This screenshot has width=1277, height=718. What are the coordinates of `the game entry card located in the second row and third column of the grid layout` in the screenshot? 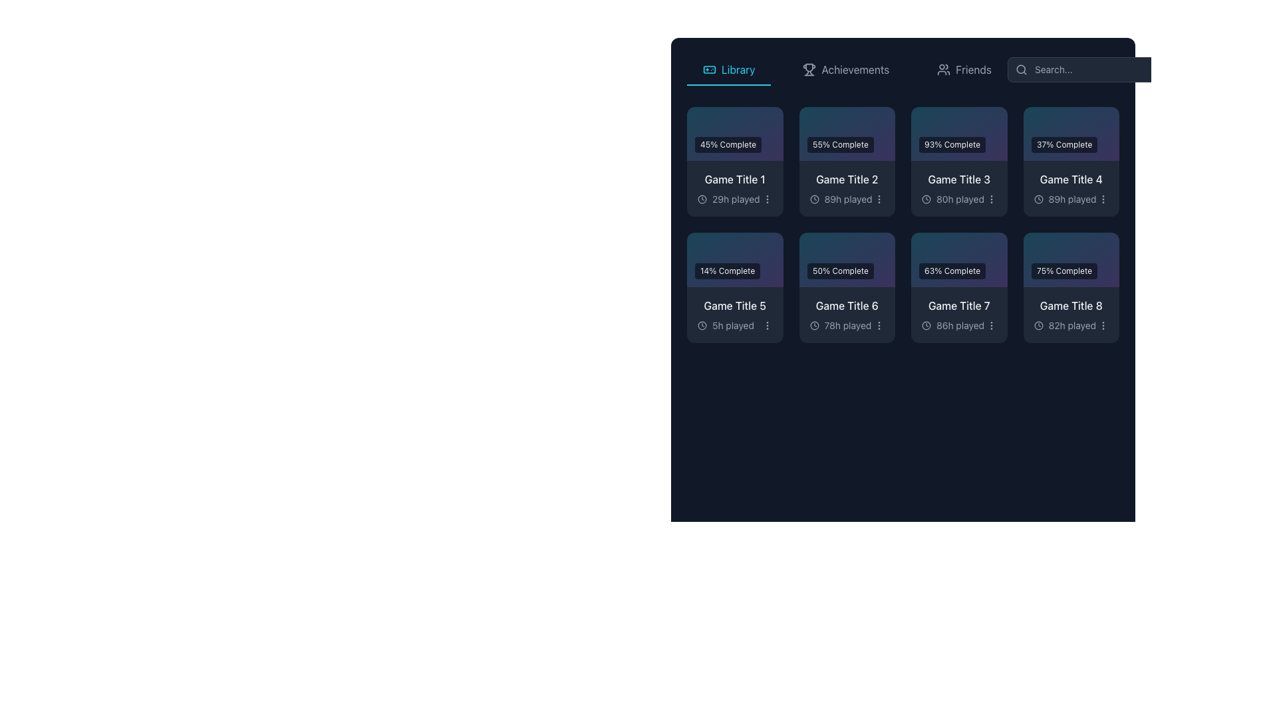 It's located at (959, 287).